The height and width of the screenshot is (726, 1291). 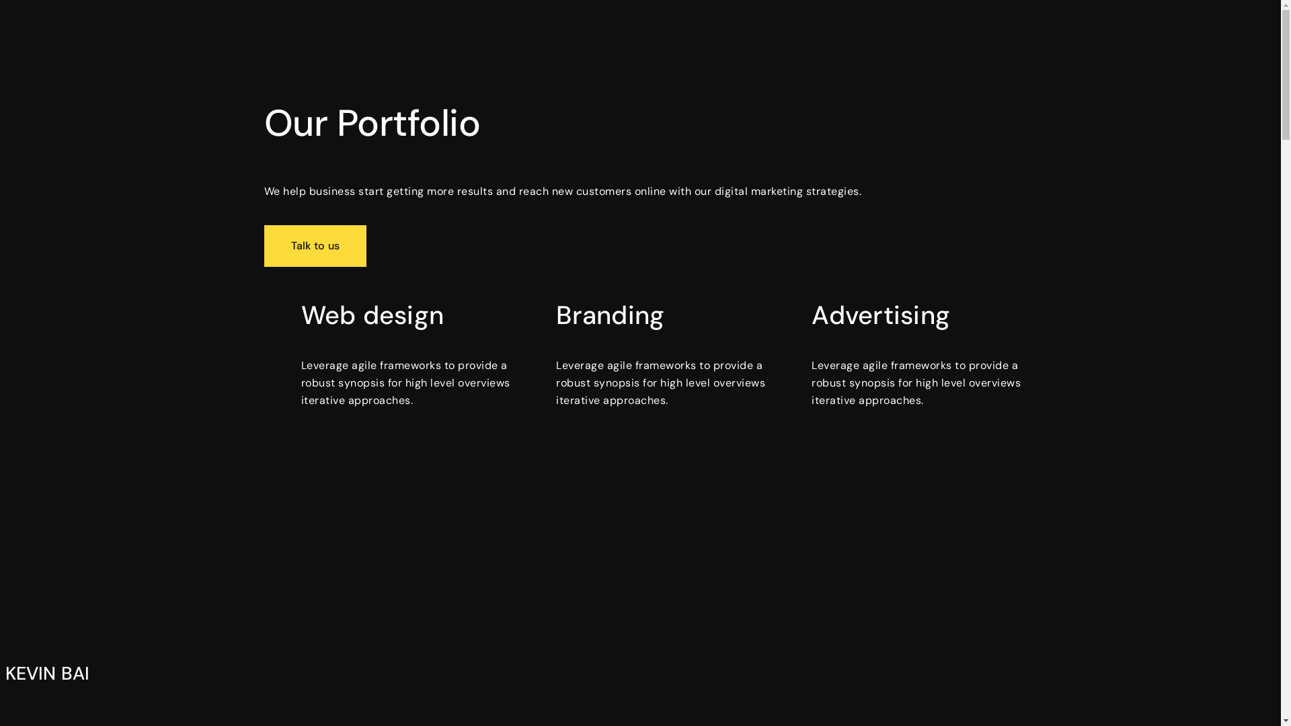 What do you see at coordinates (314, 246) in the screenshot?
I see `'Talk to us'` at bounding box center [314, 246].